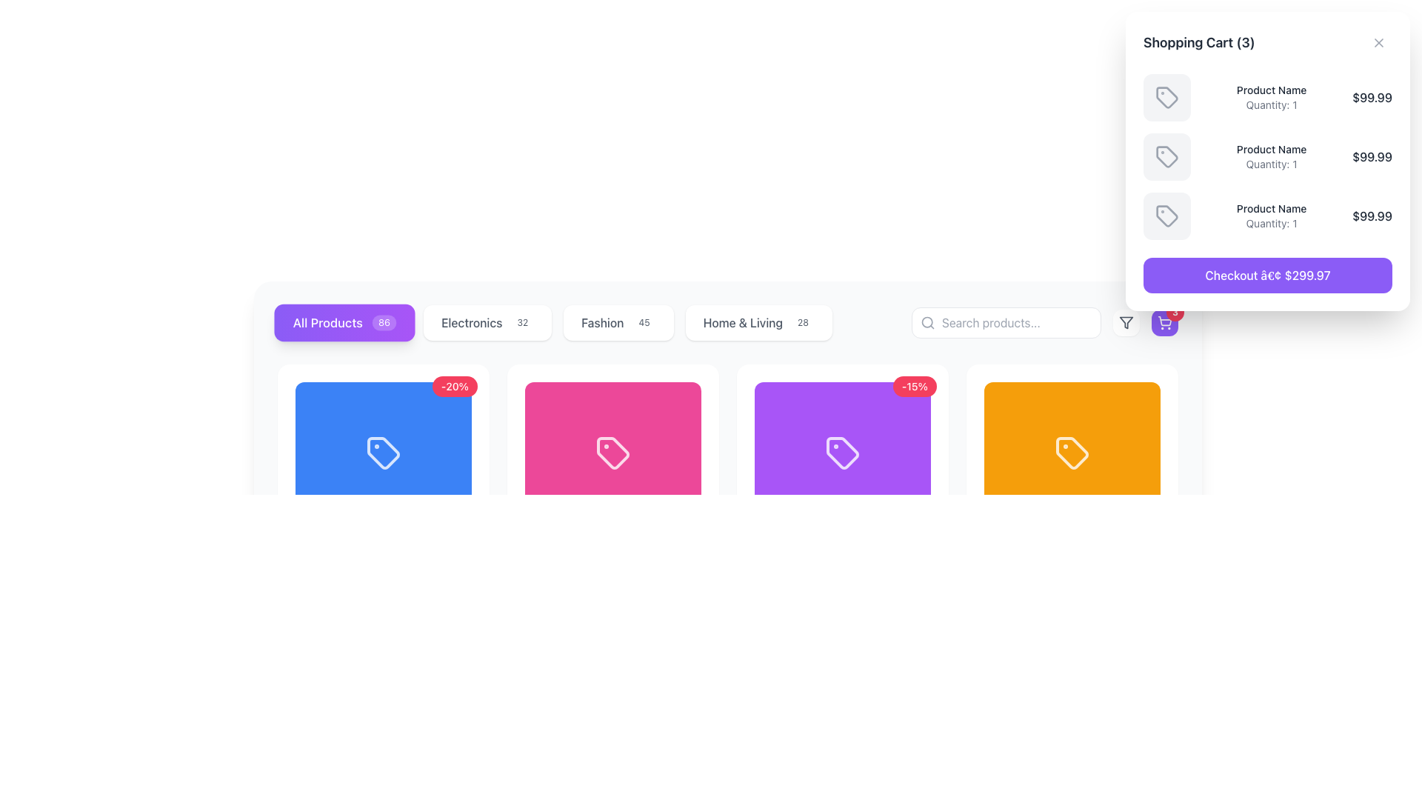 The image size is (1422, 800). What do you see at coordinates (1267, 216) in the screenshot?
I see `the product entry text in the shopping cart sidebar` at bounding box center [1267, 216].